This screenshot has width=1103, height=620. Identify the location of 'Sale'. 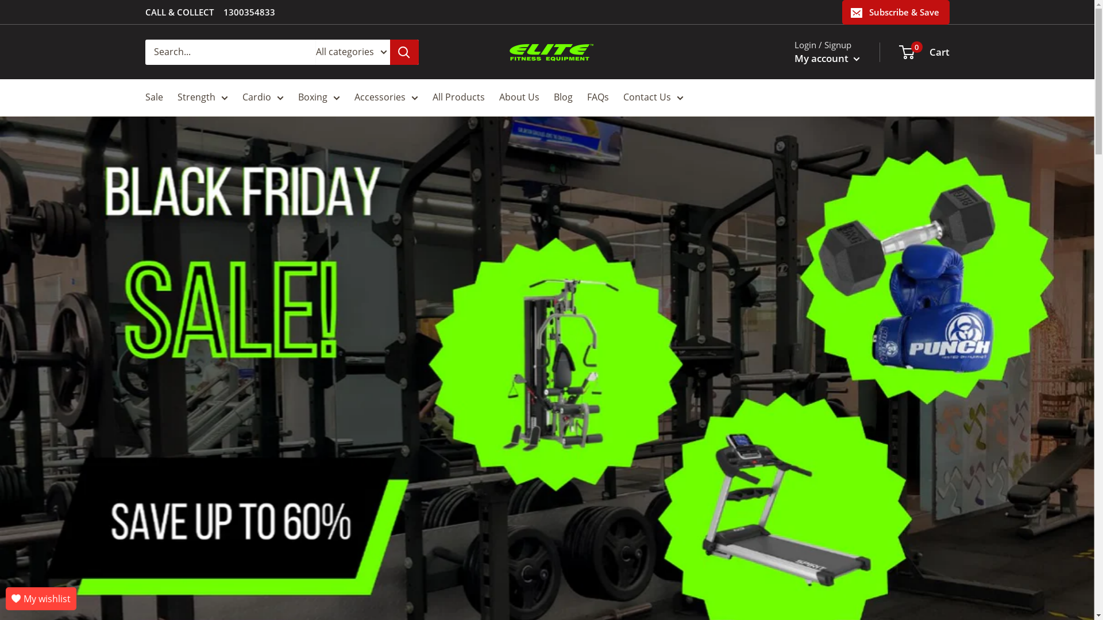
(153, 96).